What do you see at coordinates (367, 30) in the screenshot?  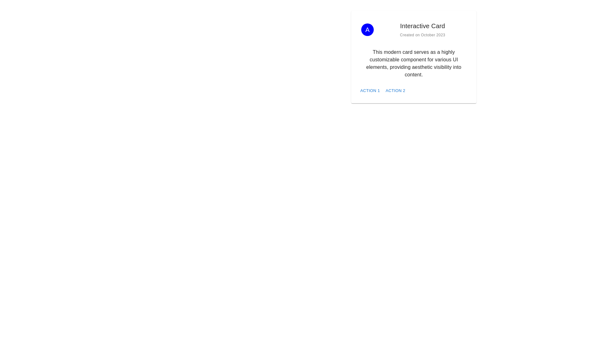 I see `the circular avatar with a blue background and the white letter 'A' located at the top left of the card header` at bounding box center [367, 30].